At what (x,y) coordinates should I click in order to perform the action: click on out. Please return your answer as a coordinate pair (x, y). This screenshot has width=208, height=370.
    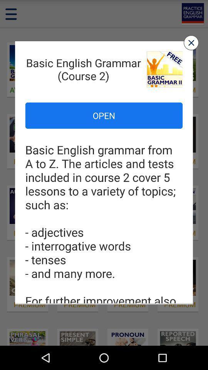
    Looking at the image, I should click on (191, 43).